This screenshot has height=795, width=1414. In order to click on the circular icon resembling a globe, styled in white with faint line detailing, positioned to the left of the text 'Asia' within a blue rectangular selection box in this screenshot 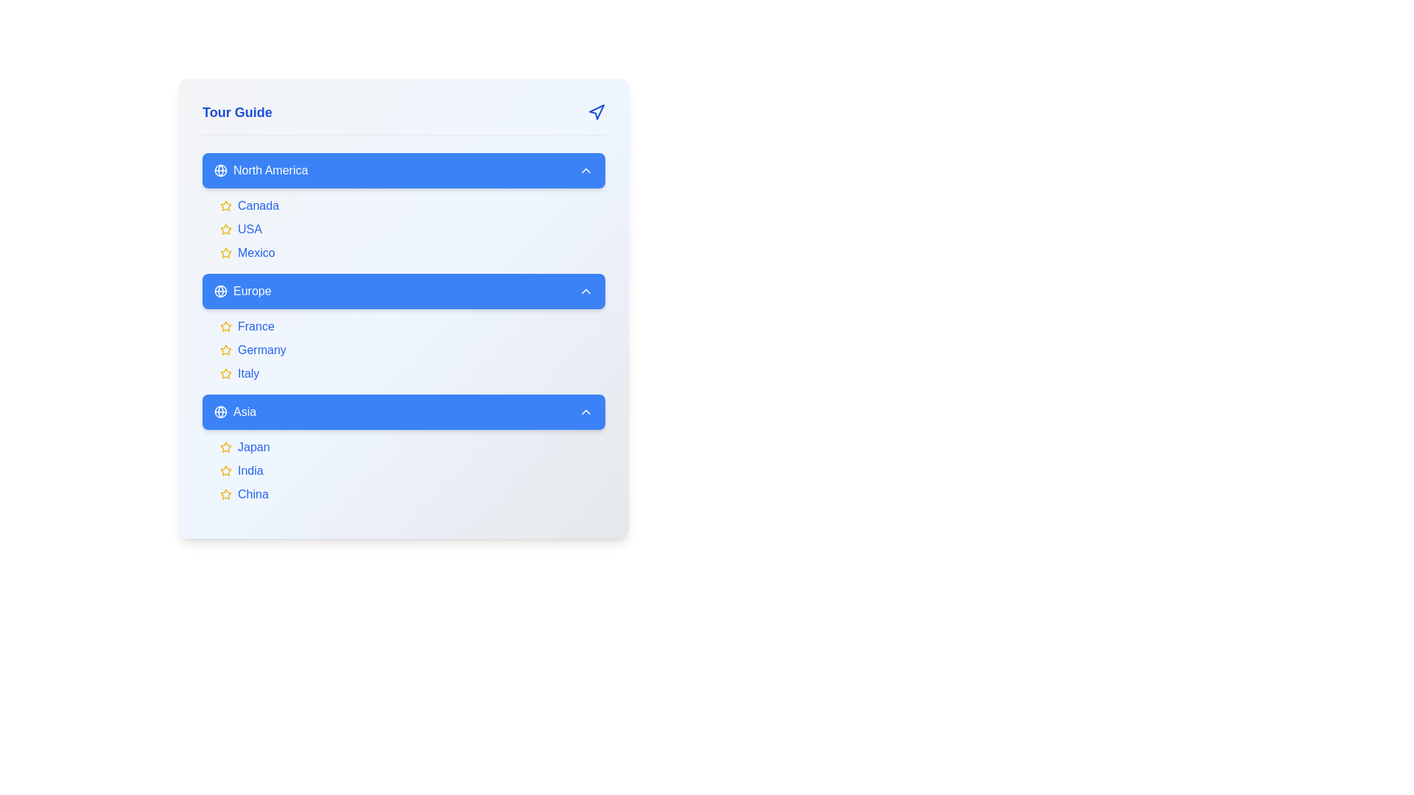, I will do `click(219, 411)`.